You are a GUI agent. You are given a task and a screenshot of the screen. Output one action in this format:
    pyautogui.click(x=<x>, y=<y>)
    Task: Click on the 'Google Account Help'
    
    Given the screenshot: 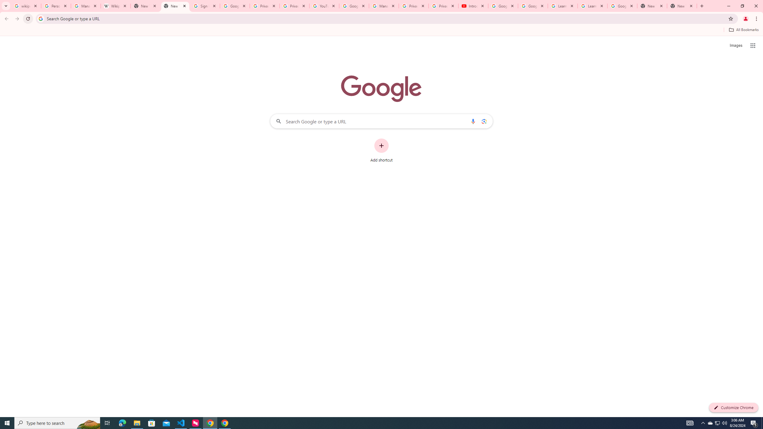 What is the action you would take?
    pyautogui.click(x=503, y=6)
    